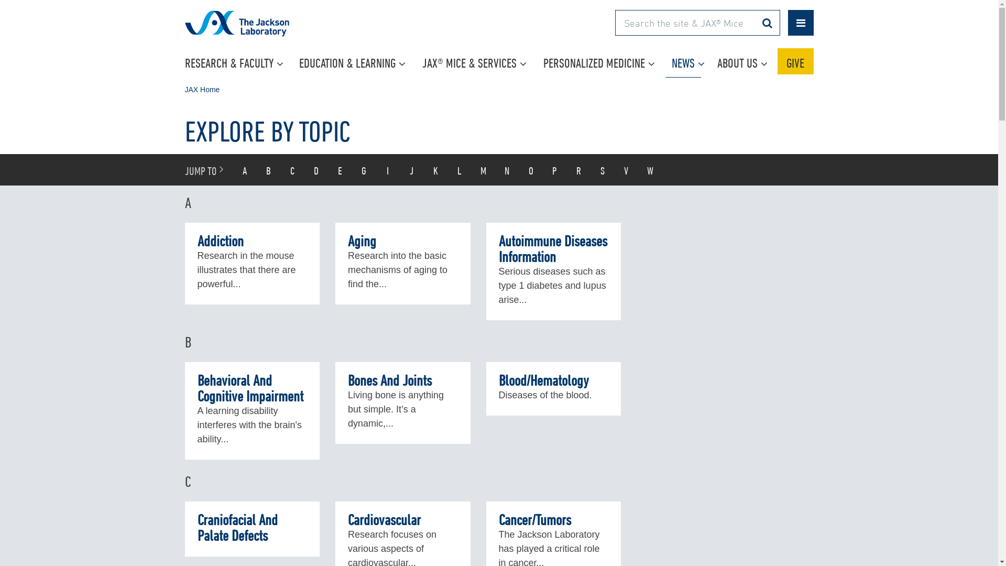 This screenshot has height=566, width=1006. Describe the element at coordinates (795, 61) in the screenshot. I see `'GIVE'` at that location.